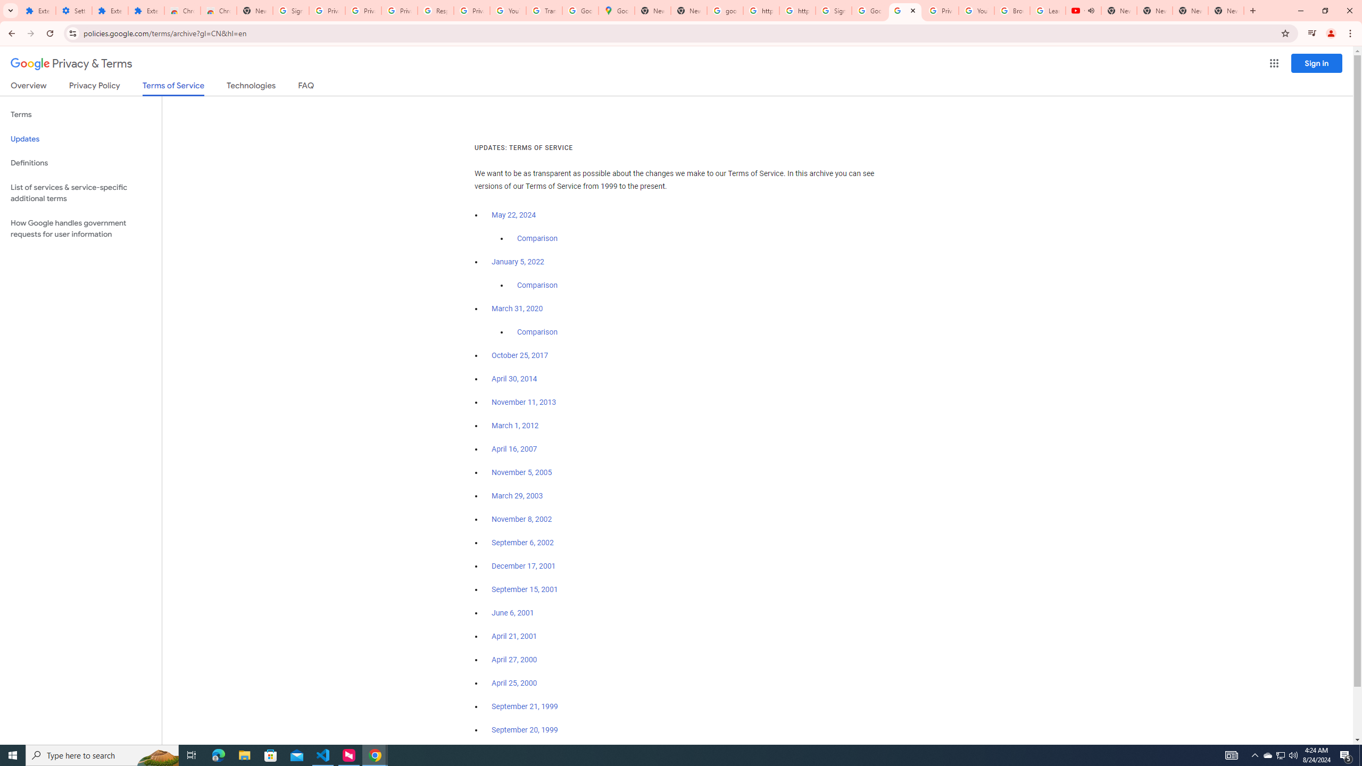 The height and width of the screenshot is (766, 1362). I want to click on 'March 31, 2020', so click(517, 309).